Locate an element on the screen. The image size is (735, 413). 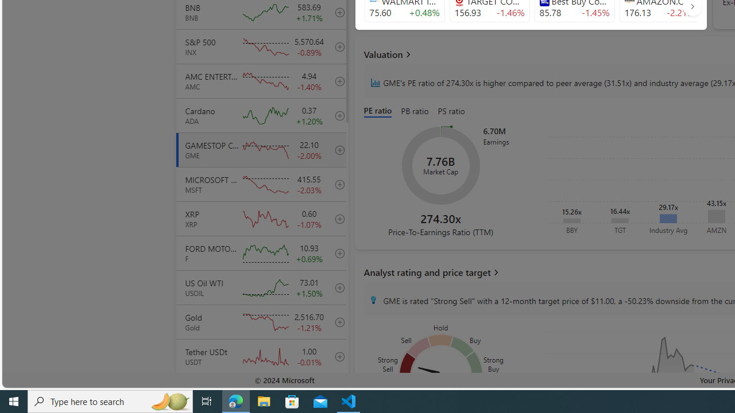
'AutomationID: finance_carousel_navi_arrow' is located at coordinates (691, 6).